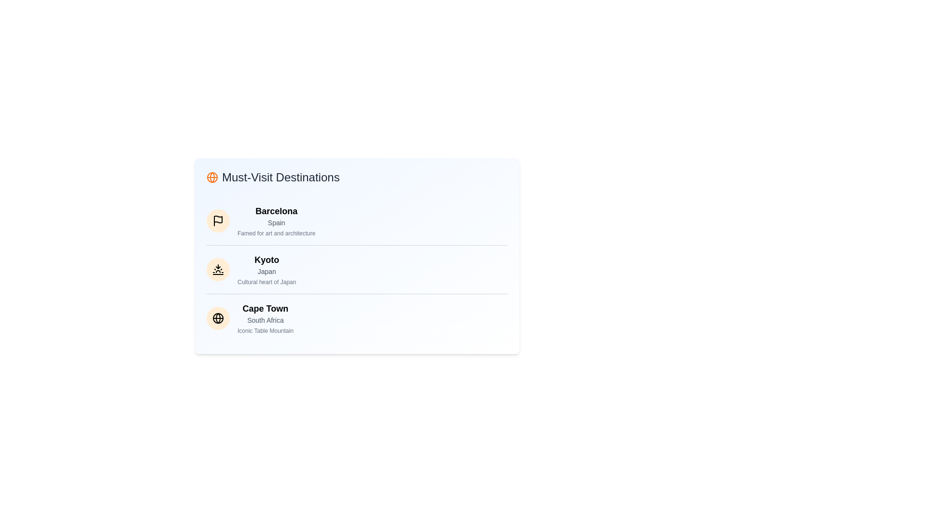  What do you see at coordinates (217, 221) in the screenshot?
I see `the icon next to the destination Barcelona` at bounding box center [217, 221].